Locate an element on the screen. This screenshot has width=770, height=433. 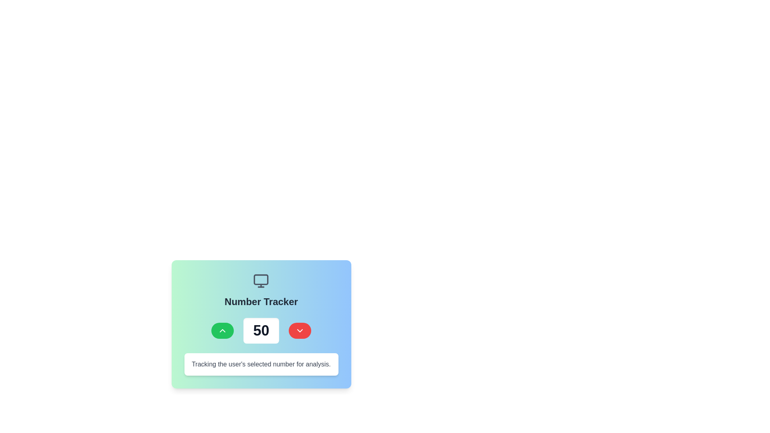
the static text display showing the number '50' in bold, large font with a white background and rounded corners is located at coordinates (261, 331).